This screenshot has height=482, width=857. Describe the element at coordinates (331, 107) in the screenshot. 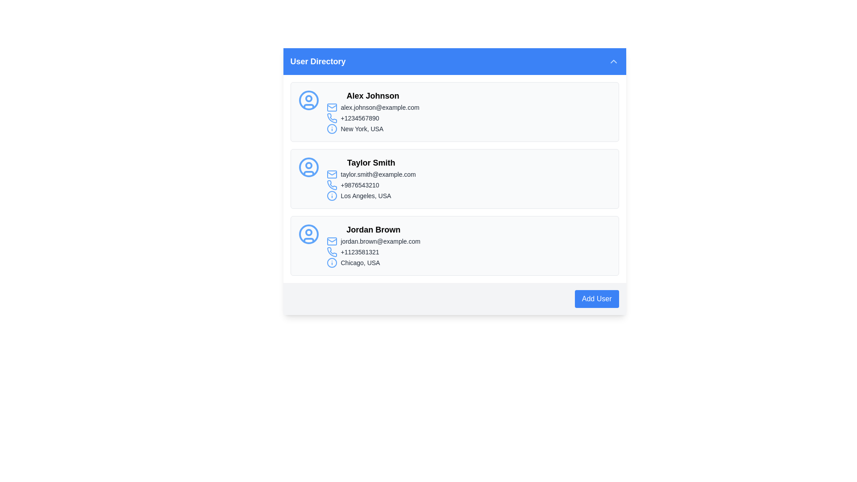

I see `the envelope icon representing email, located to the left of the email address 'alex.johnson@example.com'` at that location.